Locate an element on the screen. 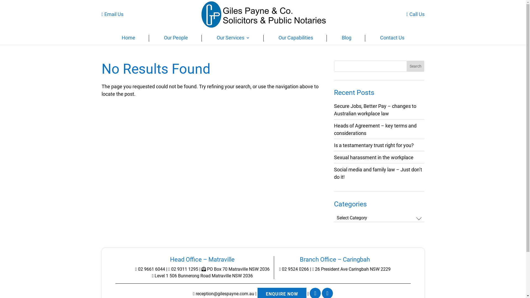 Image resolution: width=530 pixels, height=298 pixels. 'Our Capabilities' is located at coordinates (295, 39).